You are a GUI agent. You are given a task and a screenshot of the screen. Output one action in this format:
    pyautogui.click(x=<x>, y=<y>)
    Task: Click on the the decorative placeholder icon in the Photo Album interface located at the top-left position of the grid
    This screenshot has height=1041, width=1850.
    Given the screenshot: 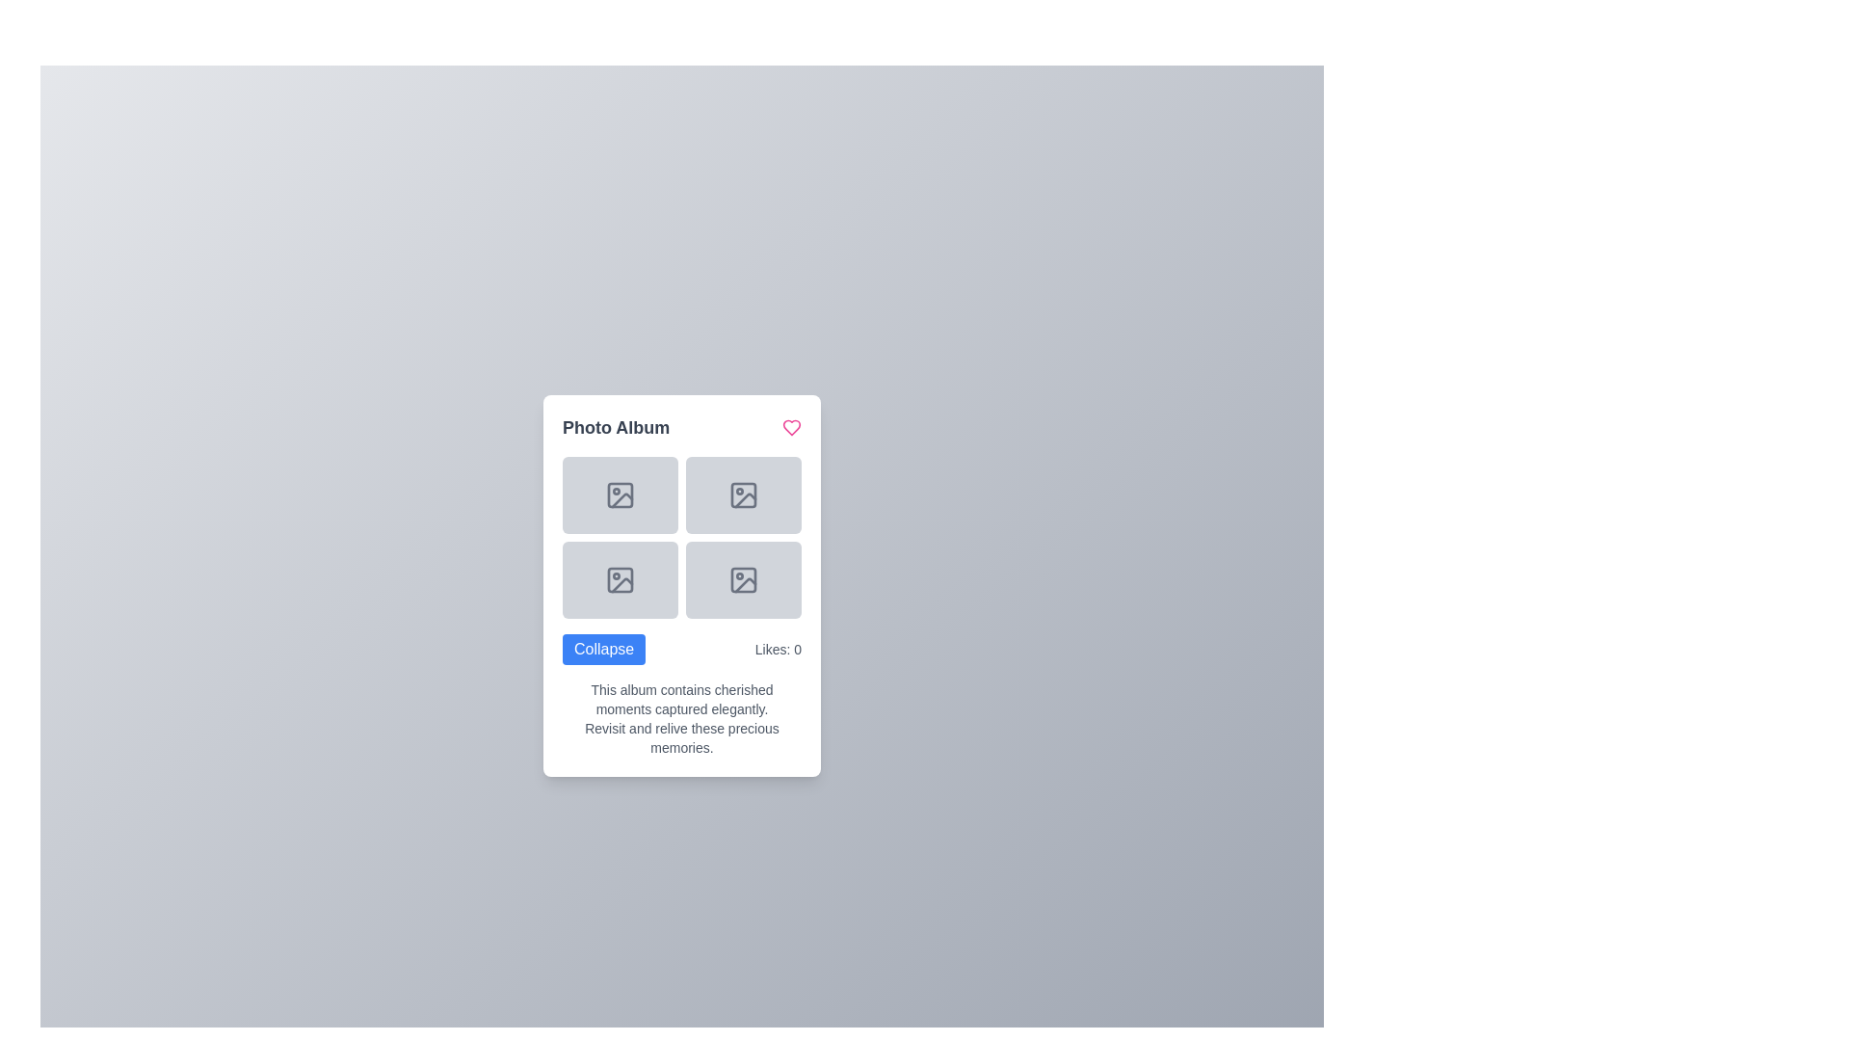 What is the action you would take?
    pyautogui.click(x=620, y=494)
    